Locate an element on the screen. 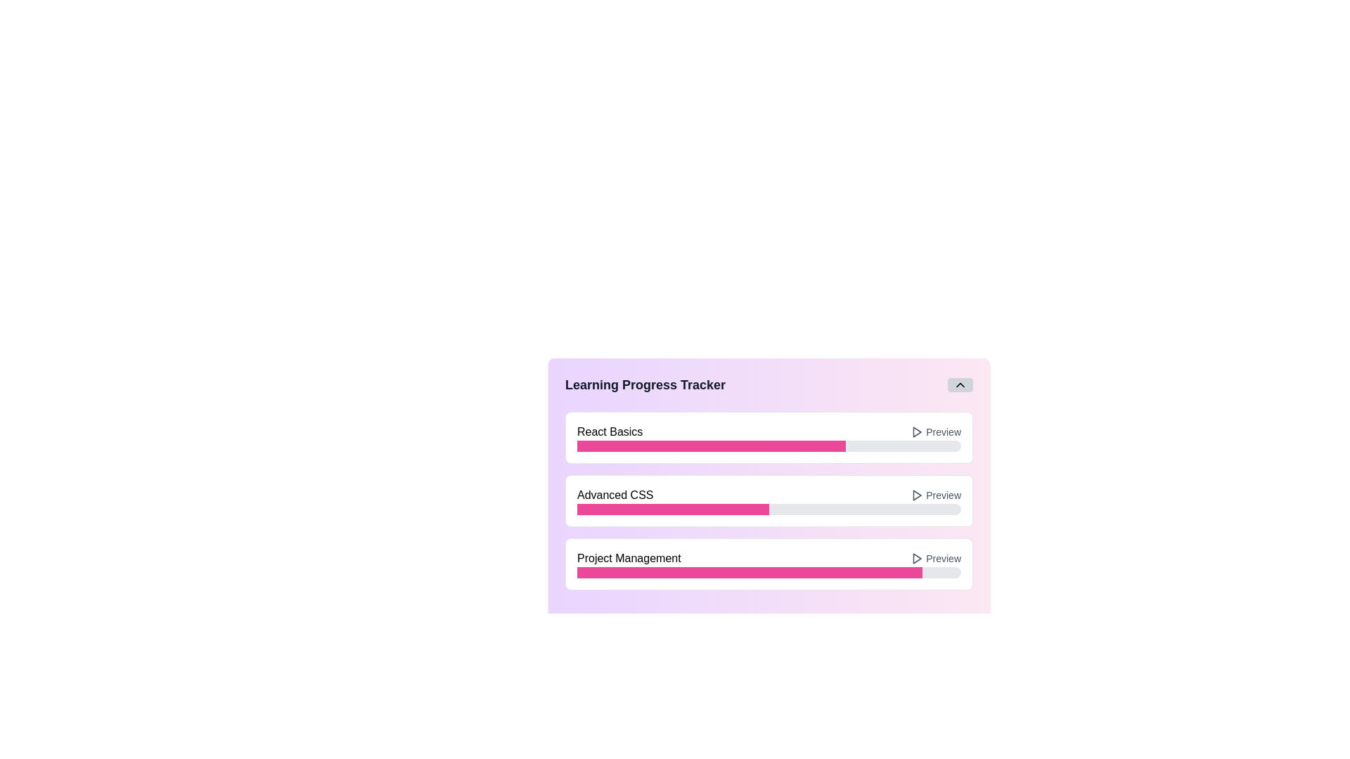 Image resolution: width=1350 pixels, height=759 pixels. the progress bar representing the completion of the 'Project Management' task within the 'Learning Progress Tracker' UI section, located at the bottom of the card is located at coordinates (769, 572).